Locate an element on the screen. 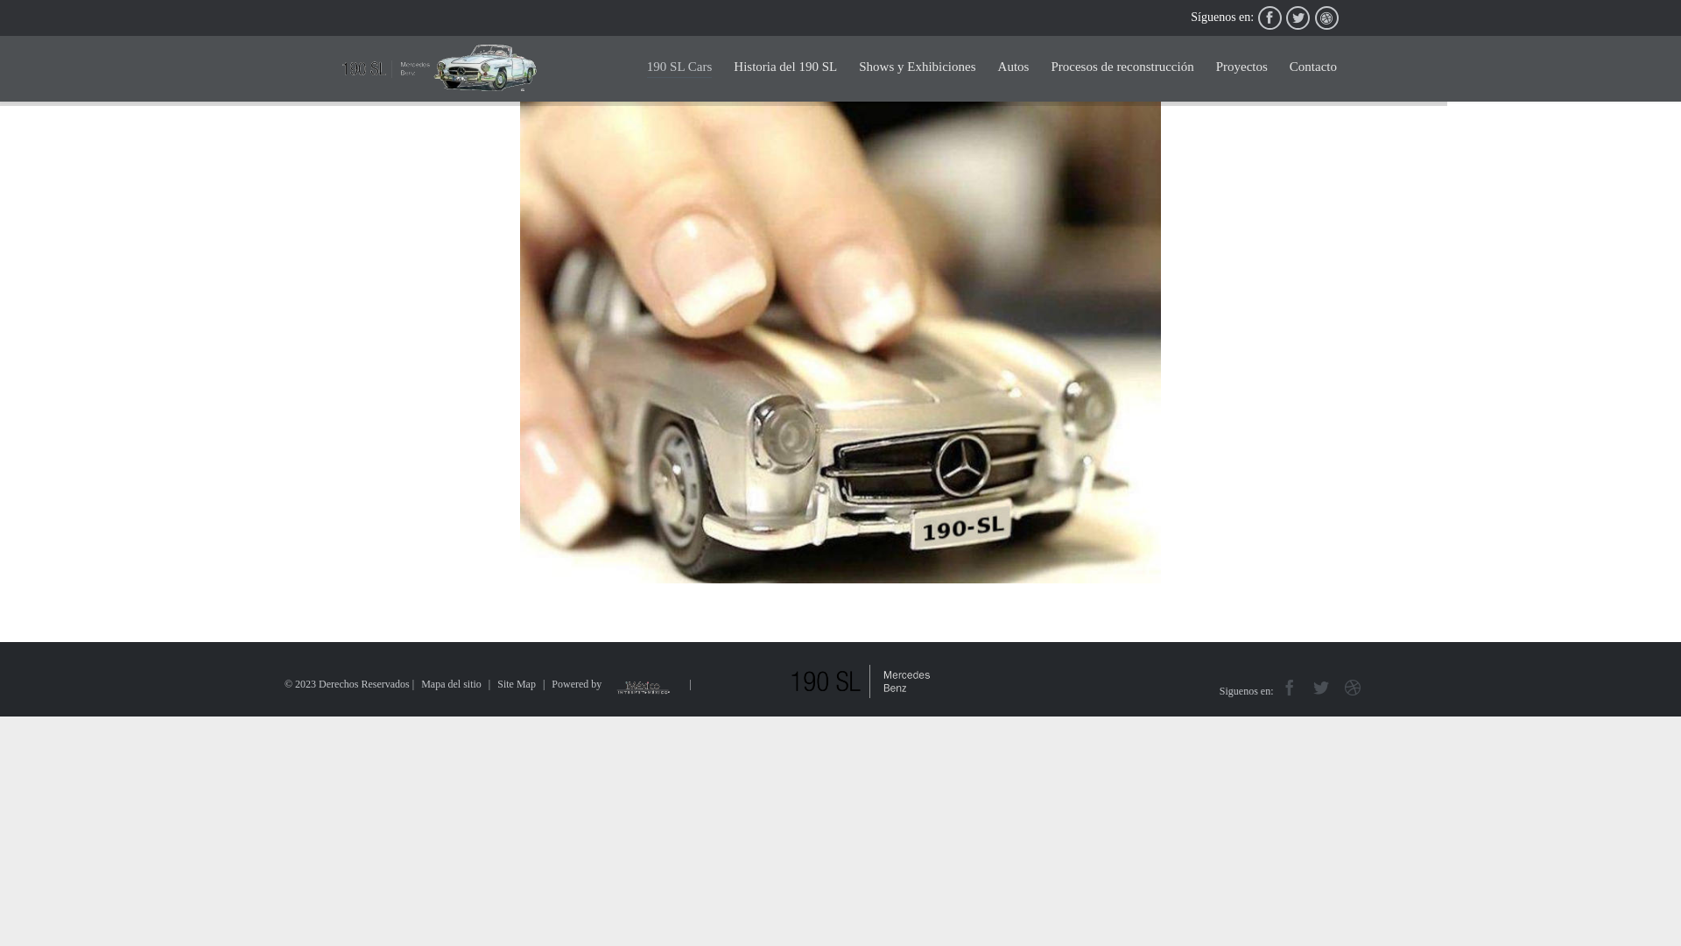 The width and height of the screenshot is (1681, 946). 'Shows y Exhibiciones' is located at coordinates (858, 67).